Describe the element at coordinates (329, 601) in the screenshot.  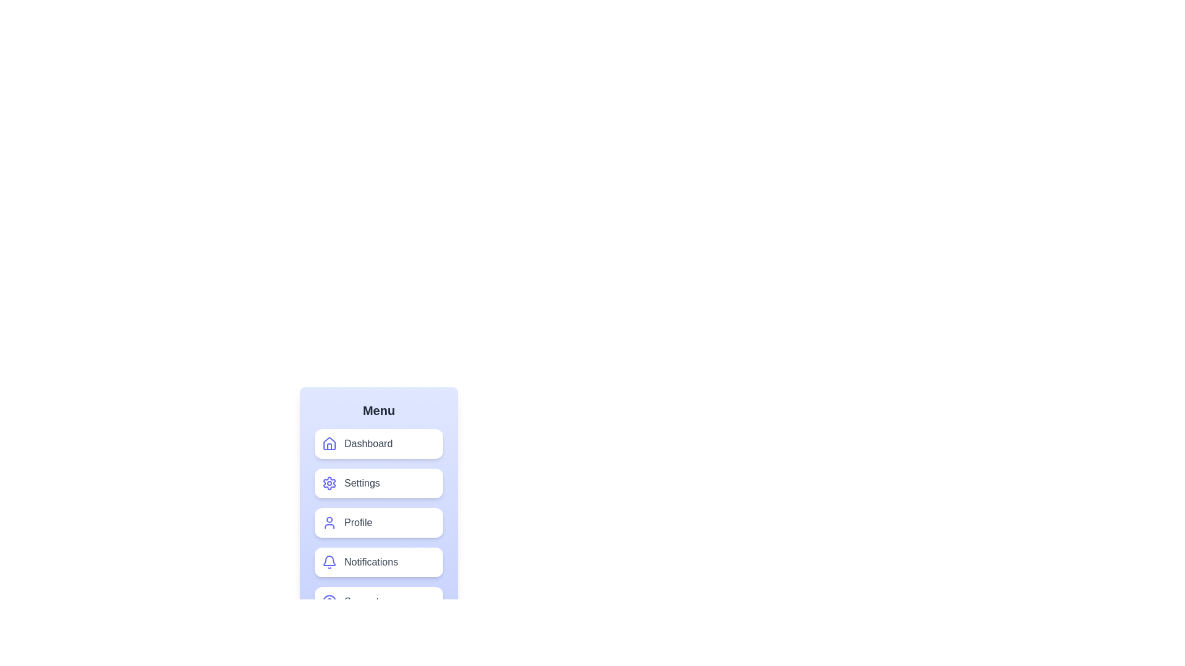
I see `the visual style of the filled circle SVG component centered in the bottom-most menu item labeled 'Security'` at that location.